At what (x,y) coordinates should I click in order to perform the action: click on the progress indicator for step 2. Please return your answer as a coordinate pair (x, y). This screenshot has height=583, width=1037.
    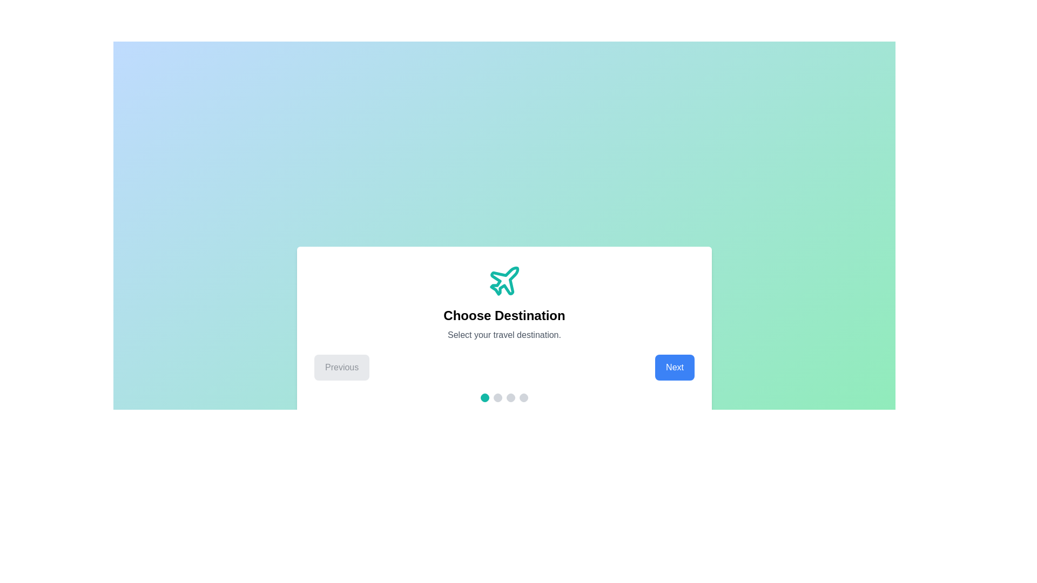
    Looking at the image, I should click on (497, 397).